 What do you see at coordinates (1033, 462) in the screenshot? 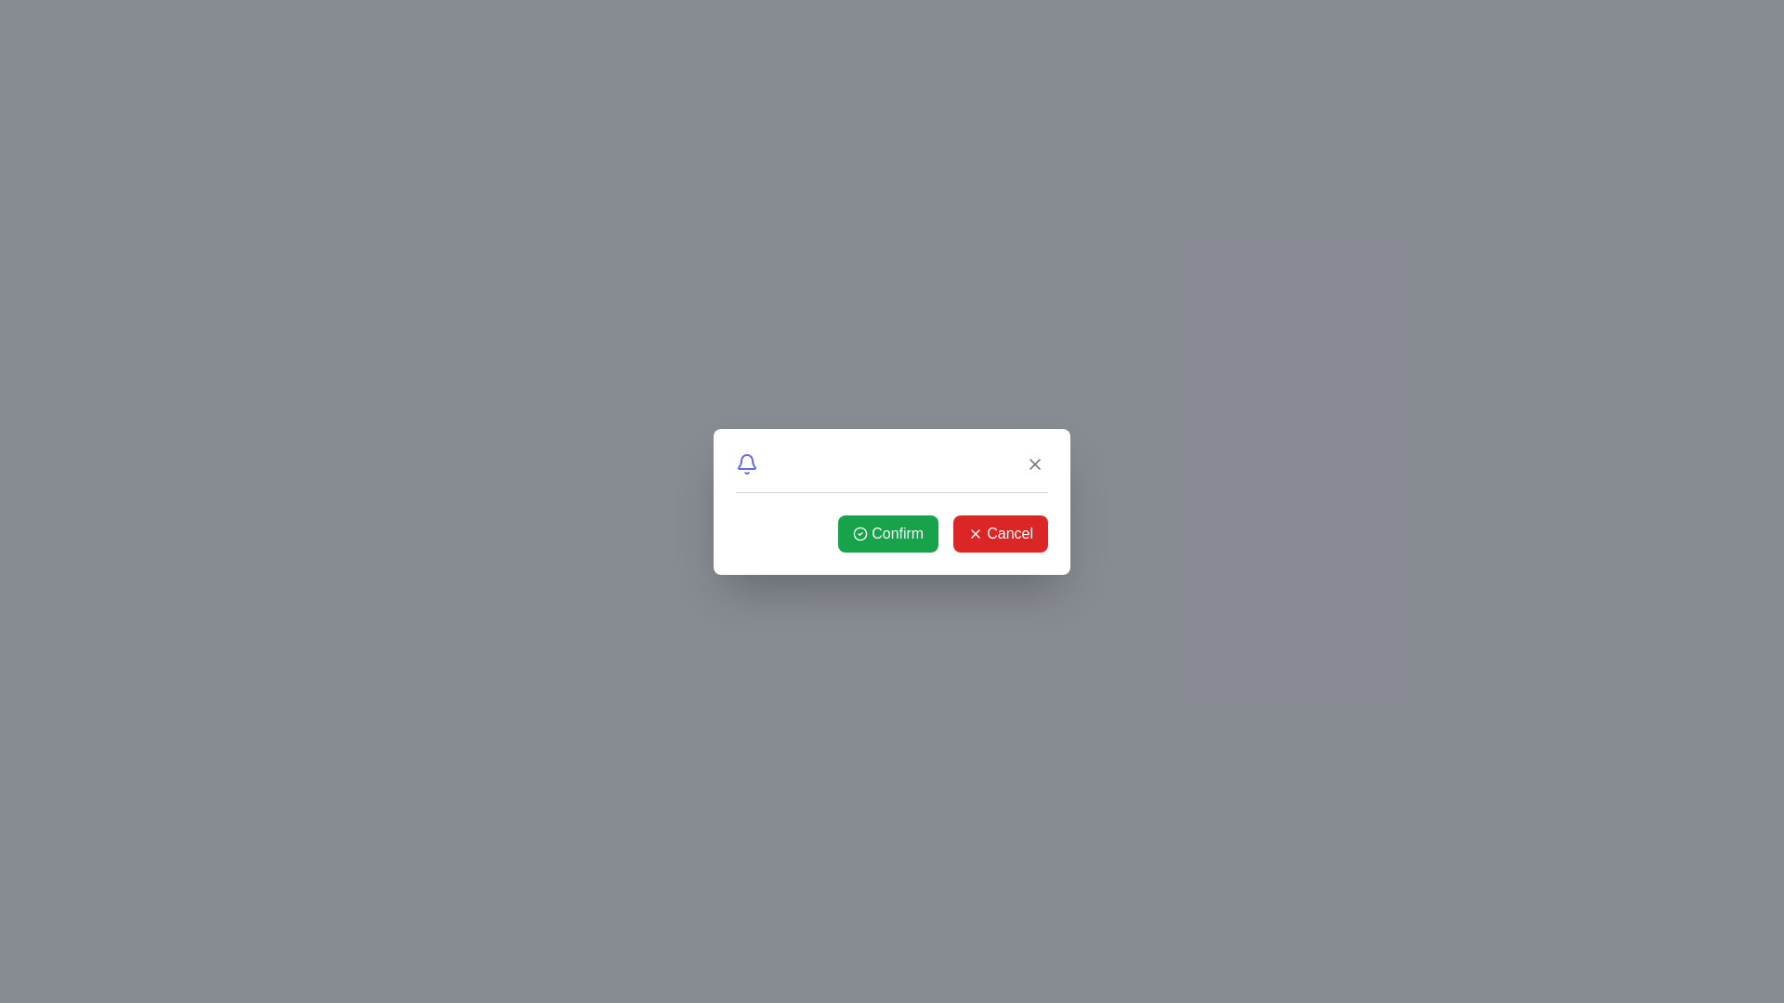
I see `the 'X' close icon located in the upper-right corner of the dialog box` at bounding box center [1033, 462].